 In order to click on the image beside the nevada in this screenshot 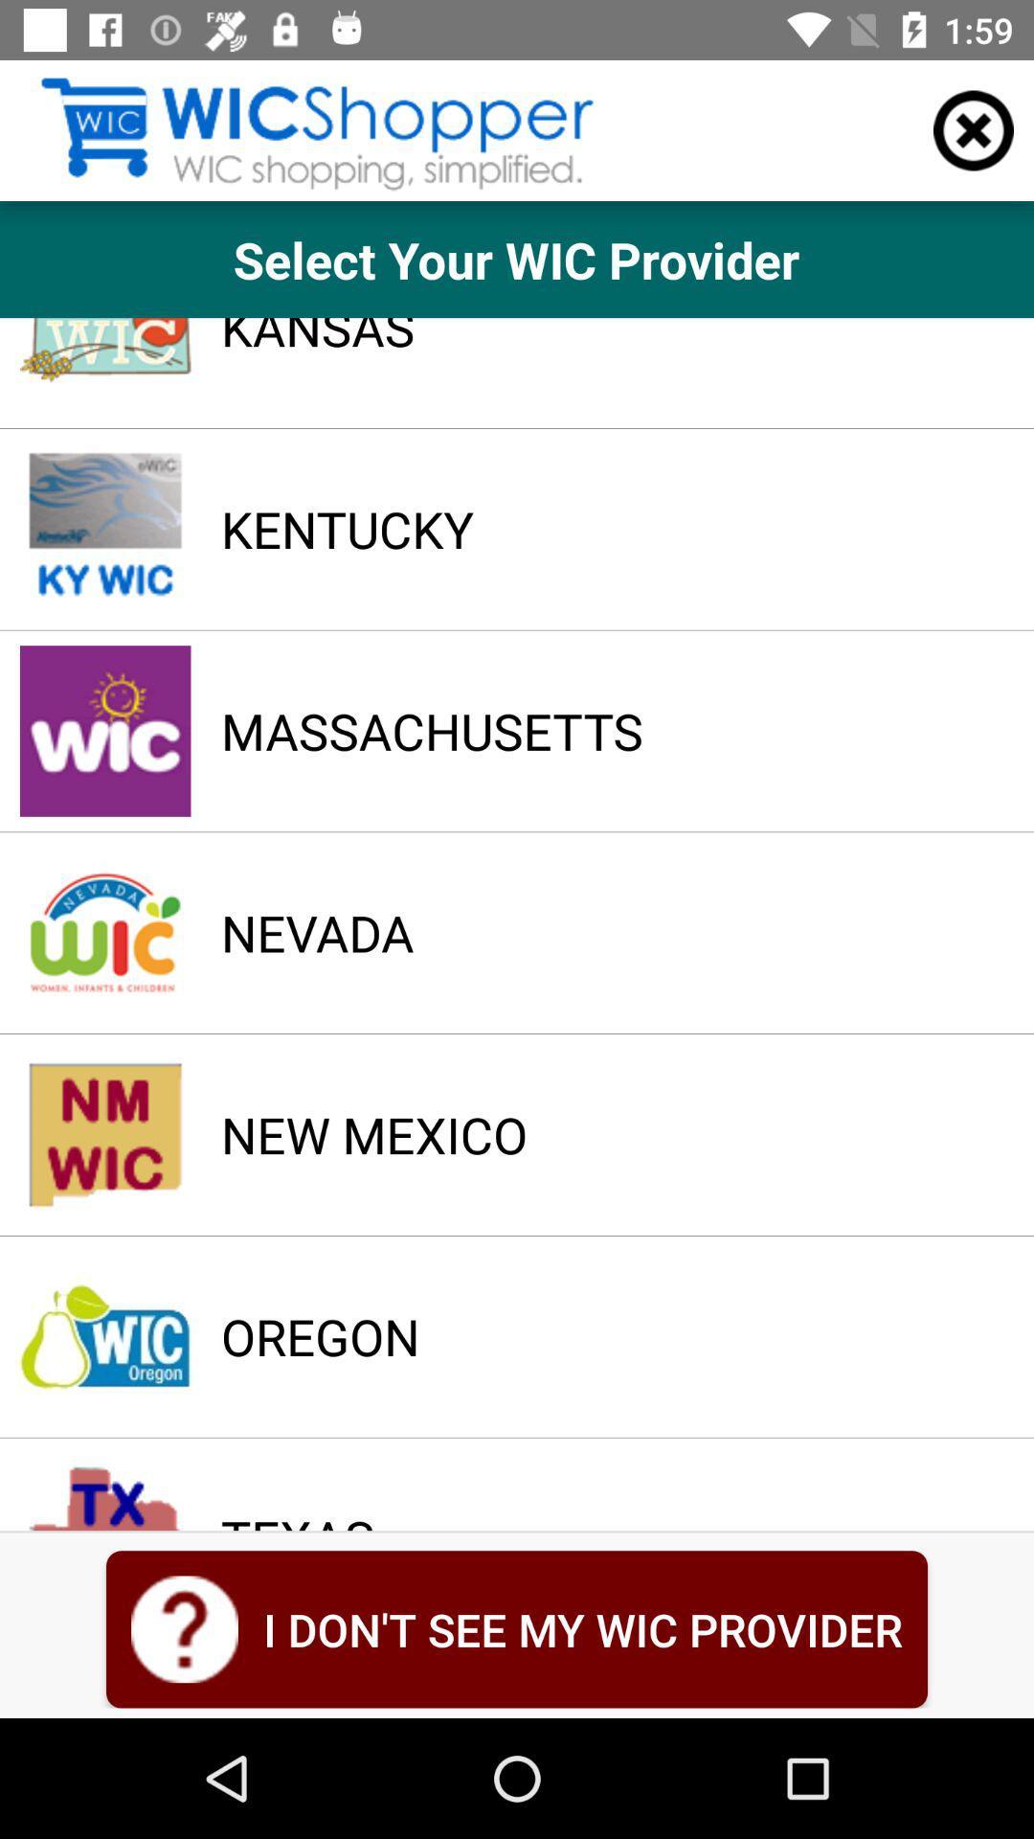, I will do `click(105, 933)`.